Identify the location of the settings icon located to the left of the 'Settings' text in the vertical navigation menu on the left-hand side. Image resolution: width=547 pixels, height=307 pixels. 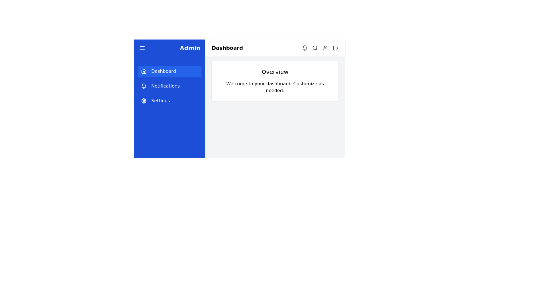
(144, 100).